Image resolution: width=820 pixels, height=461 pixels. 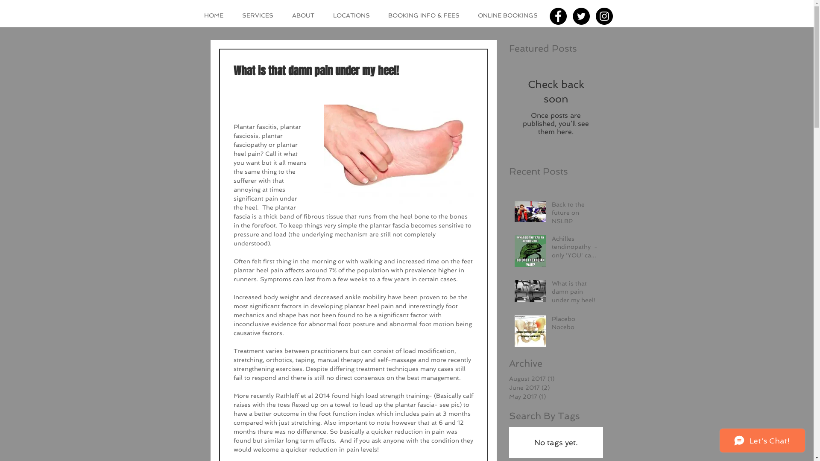 I want to click on 'Back to the future on NSLBP', so click(x=574, y=214).